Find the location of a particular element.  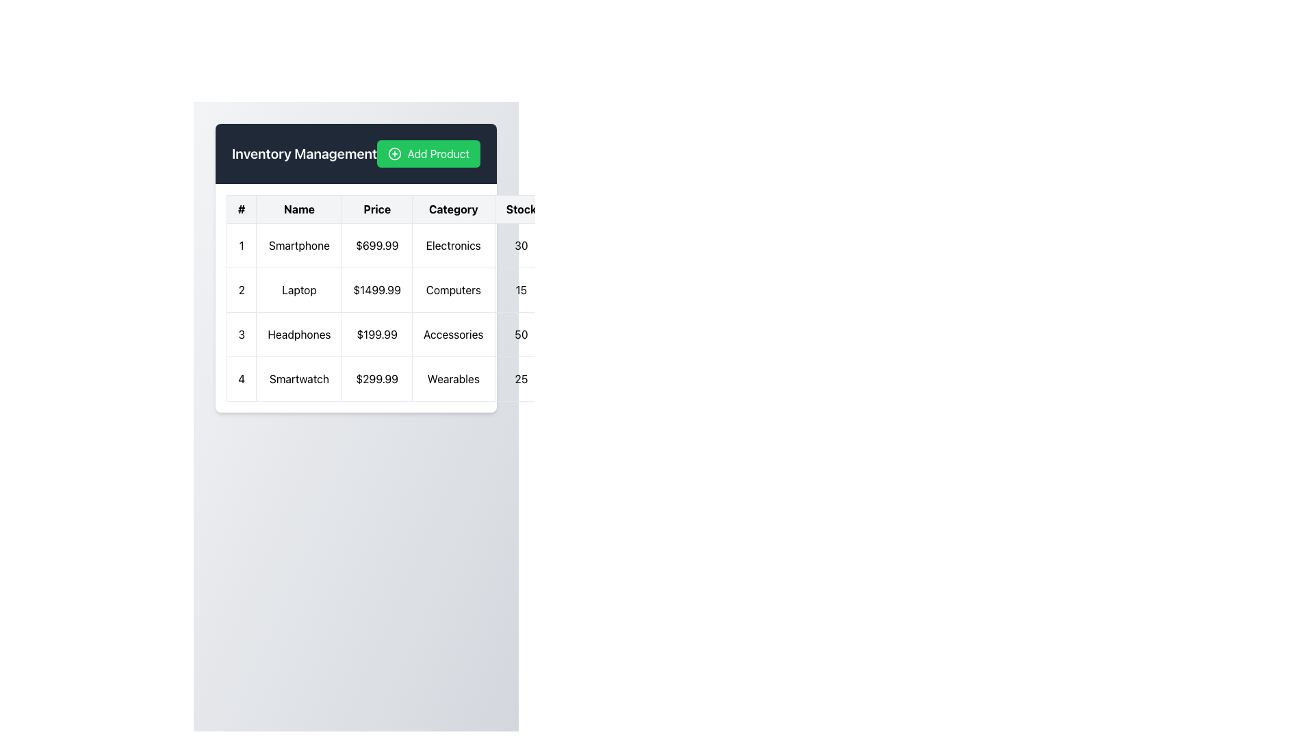

the green 'Add Product' button with a circular plus icon to initiate the add product action is located at coordinates (428, 153).